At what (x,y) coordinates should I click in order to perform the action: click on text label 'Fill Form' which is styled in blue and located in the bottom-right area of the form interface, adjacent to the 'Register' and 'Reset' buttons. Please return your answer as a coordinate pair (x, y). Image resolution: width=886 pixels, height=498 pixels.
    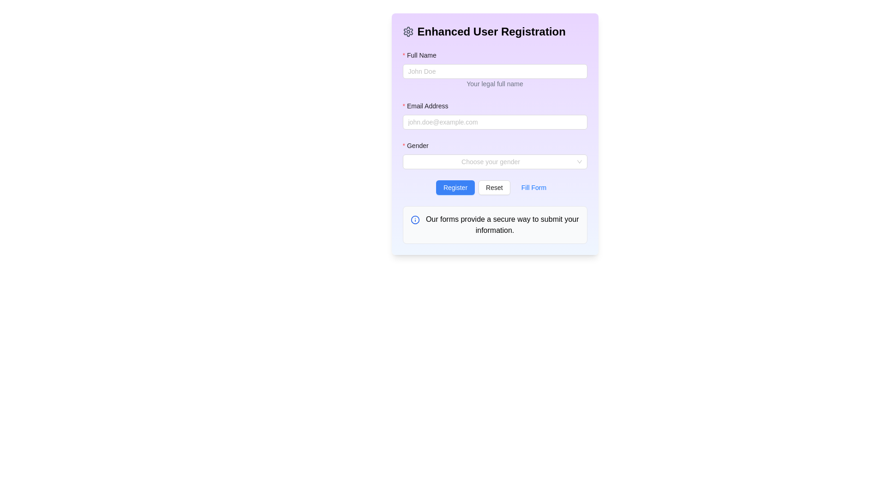
    Looking at the image, I should click on (533, 187).